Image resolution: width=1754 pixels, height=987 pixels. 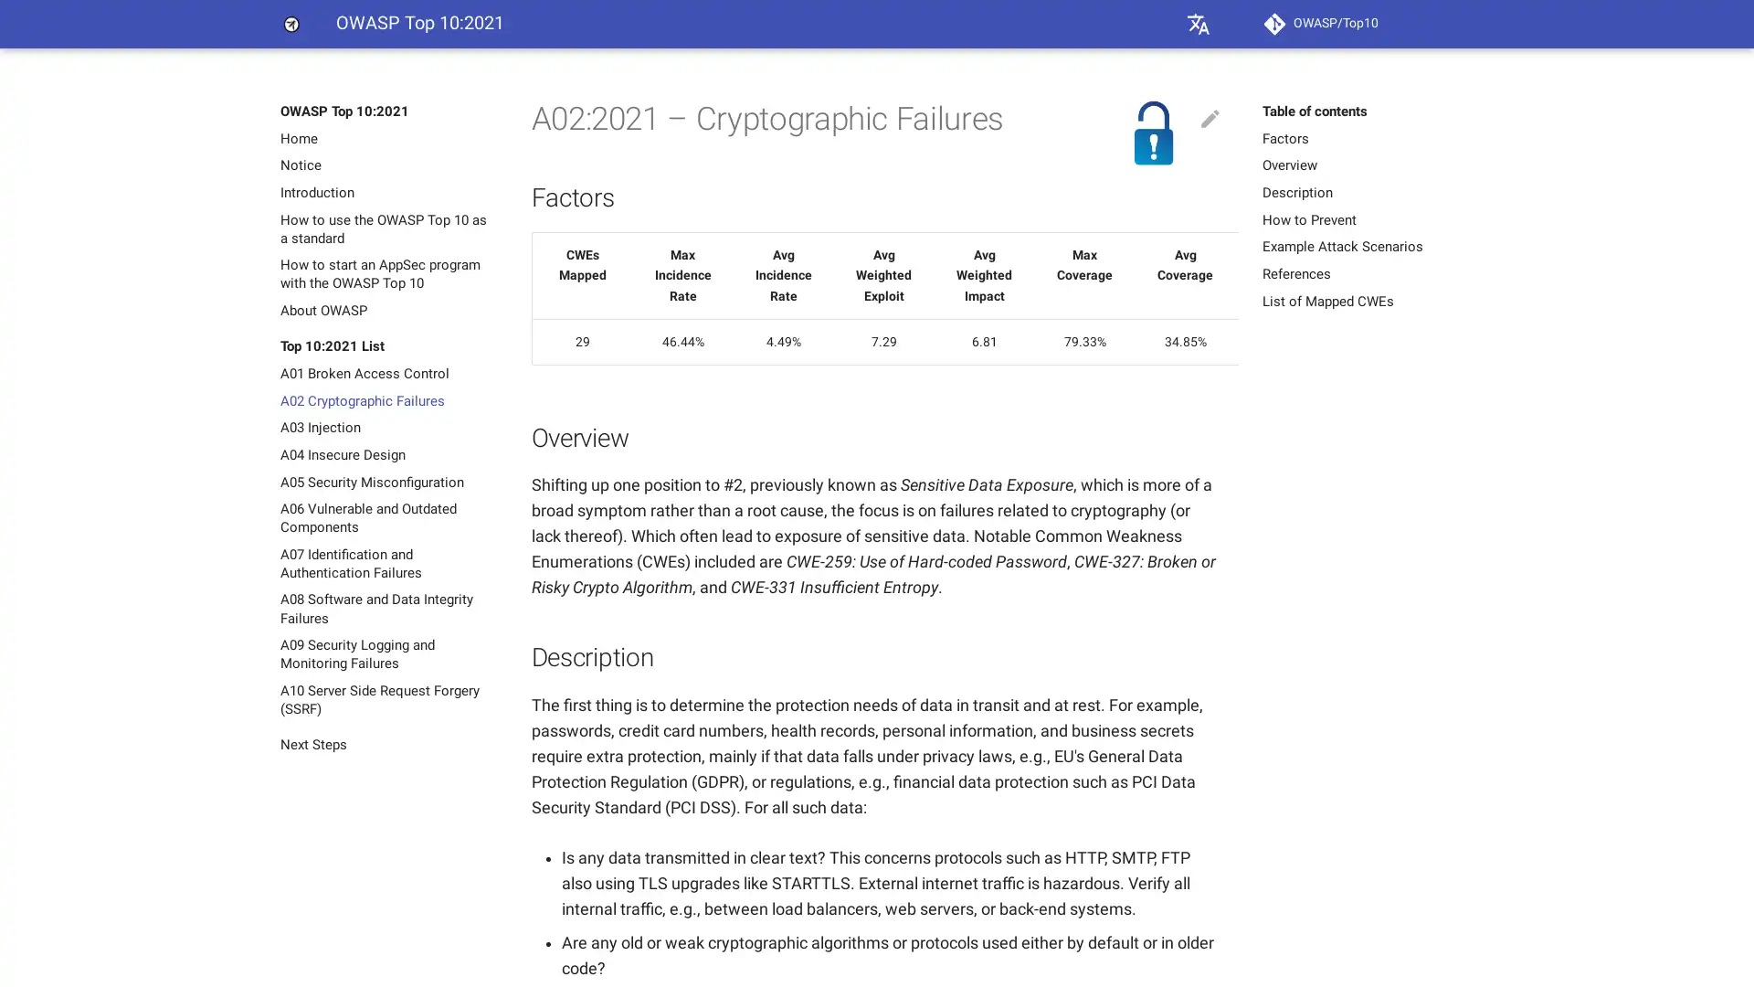 I want to click on Select language, so click(x=1198, y=24).